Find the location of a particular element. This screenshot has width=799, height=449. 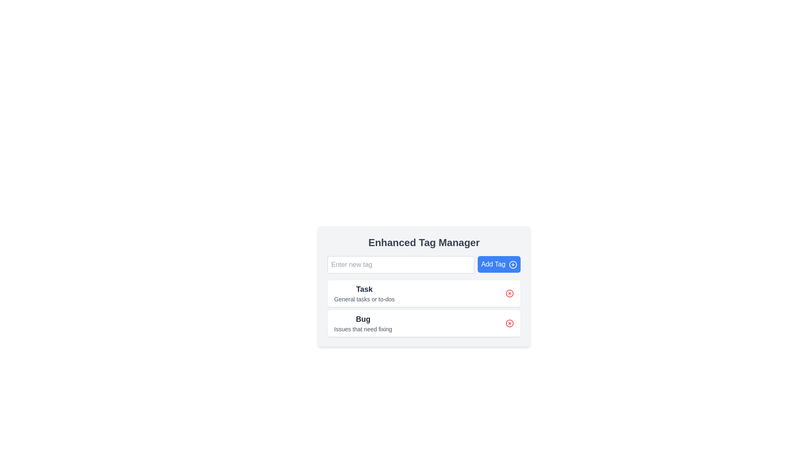

the text label element that serves as the title for the 'Task' category, located above 'General tasks or to-dos' and next to the delete button is located at coordinates (364, 289).